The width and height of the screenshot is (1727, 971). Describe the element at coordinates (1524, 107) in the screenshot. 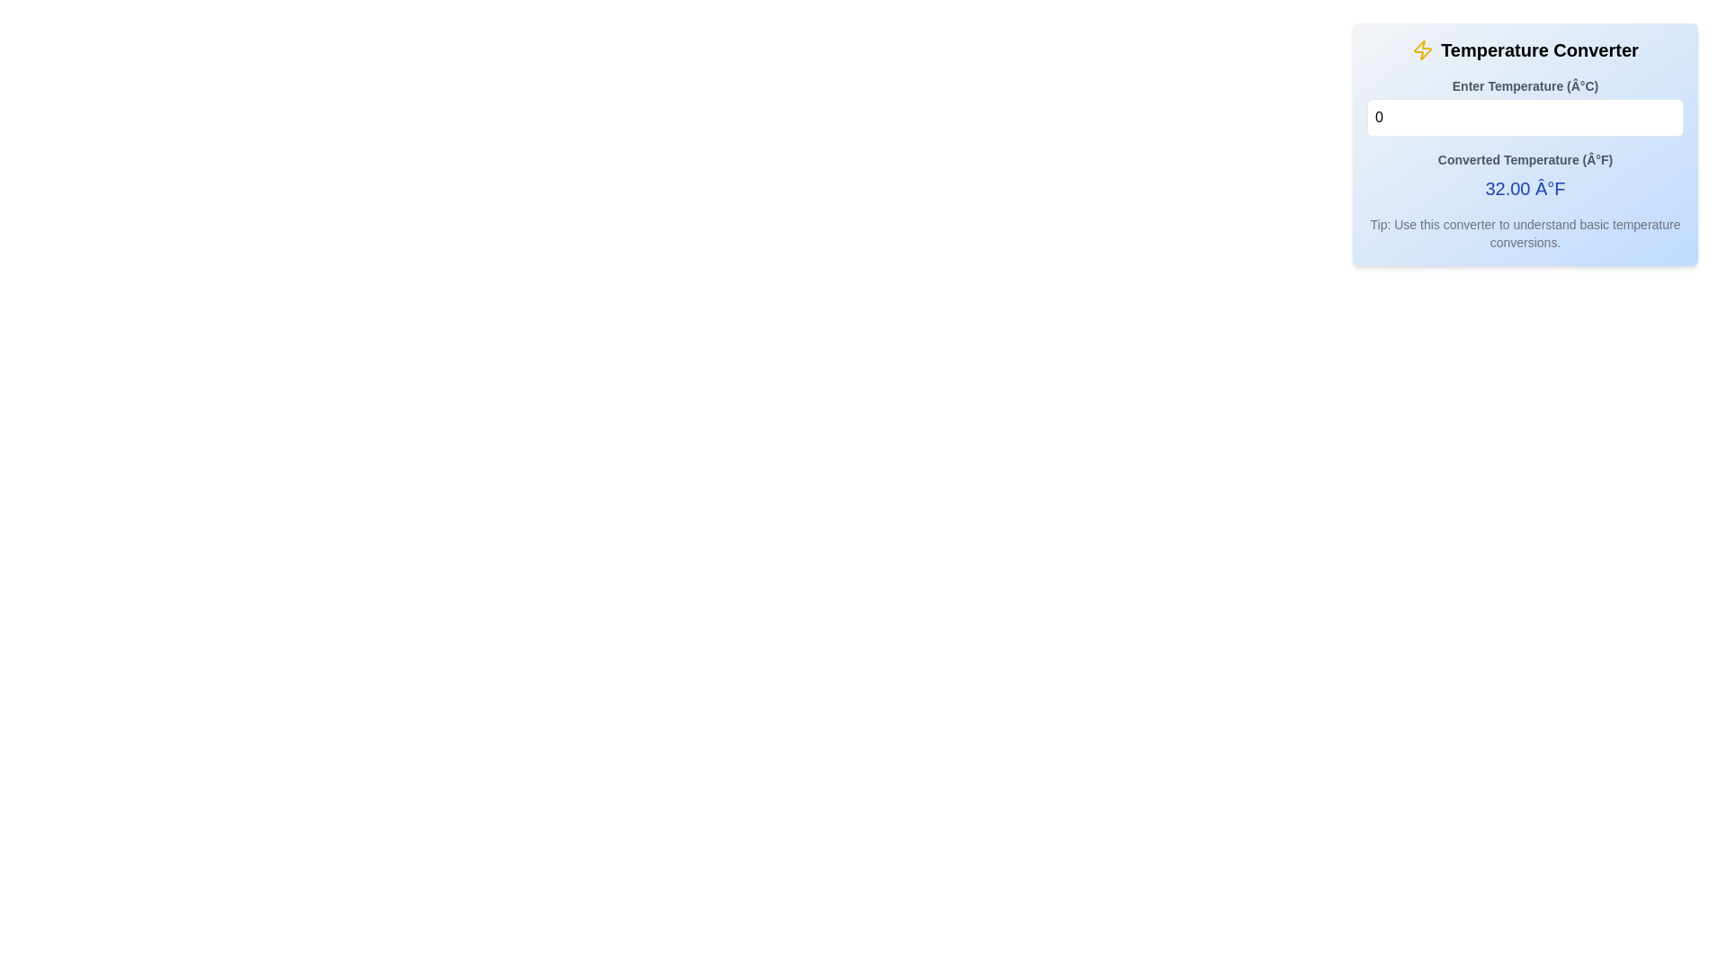

I see `the input field for entering temperature values in degrees Celsius located at the top of the 'Temperature Converter' section` at that location.